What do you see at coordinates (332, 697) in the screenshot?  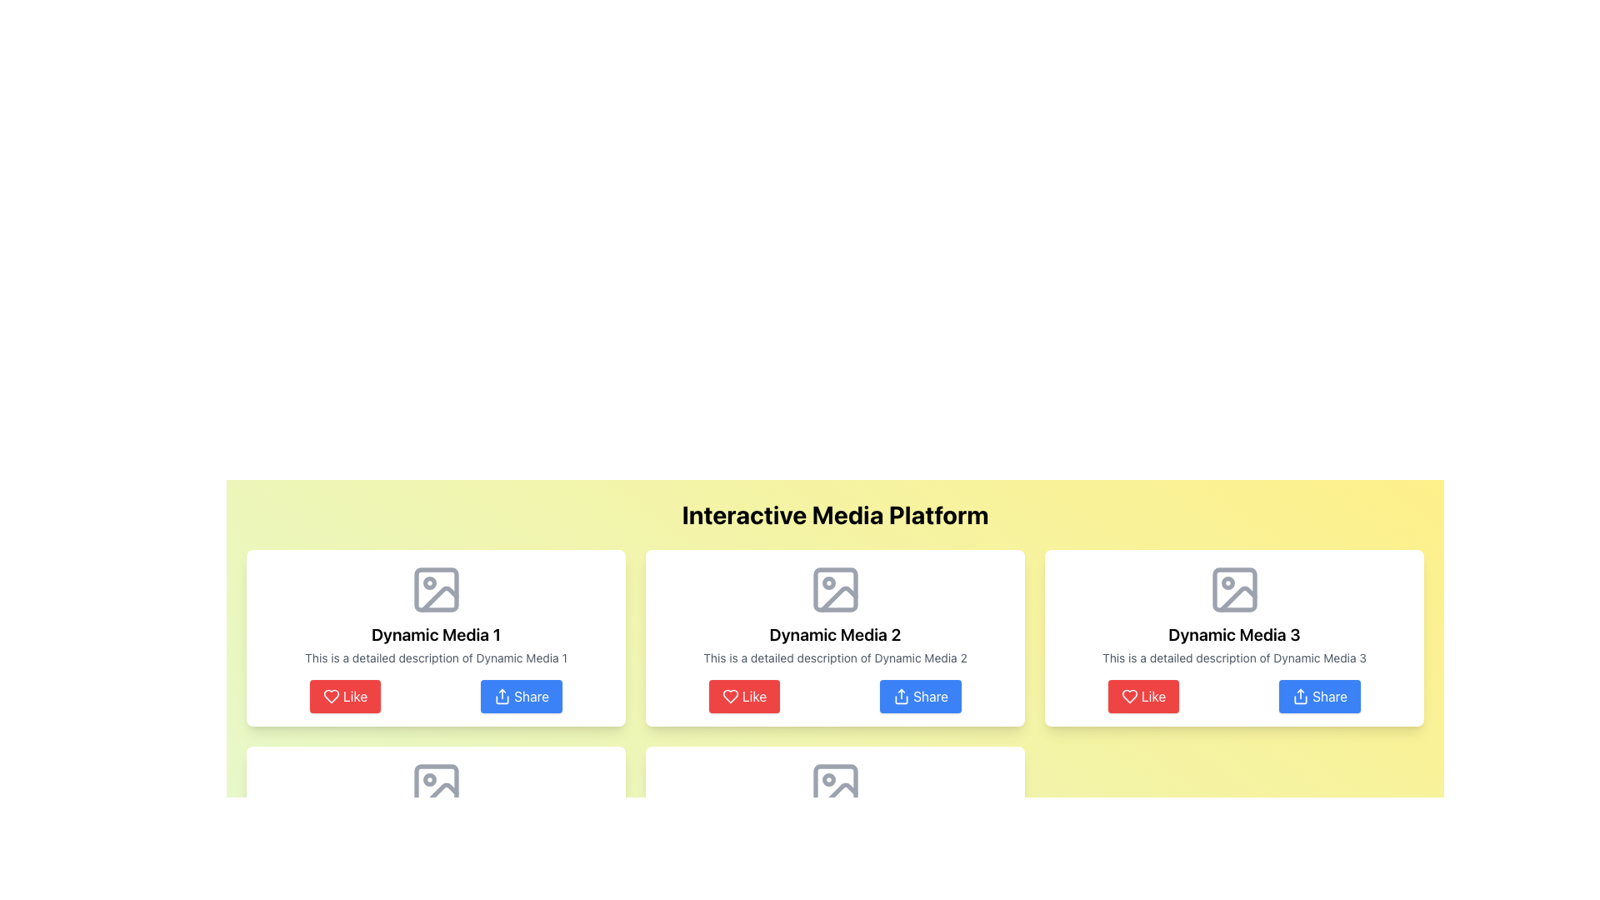 I see `the 'like' icon located at the bottom-left portion of the first card` at bounding box center [332, 697].